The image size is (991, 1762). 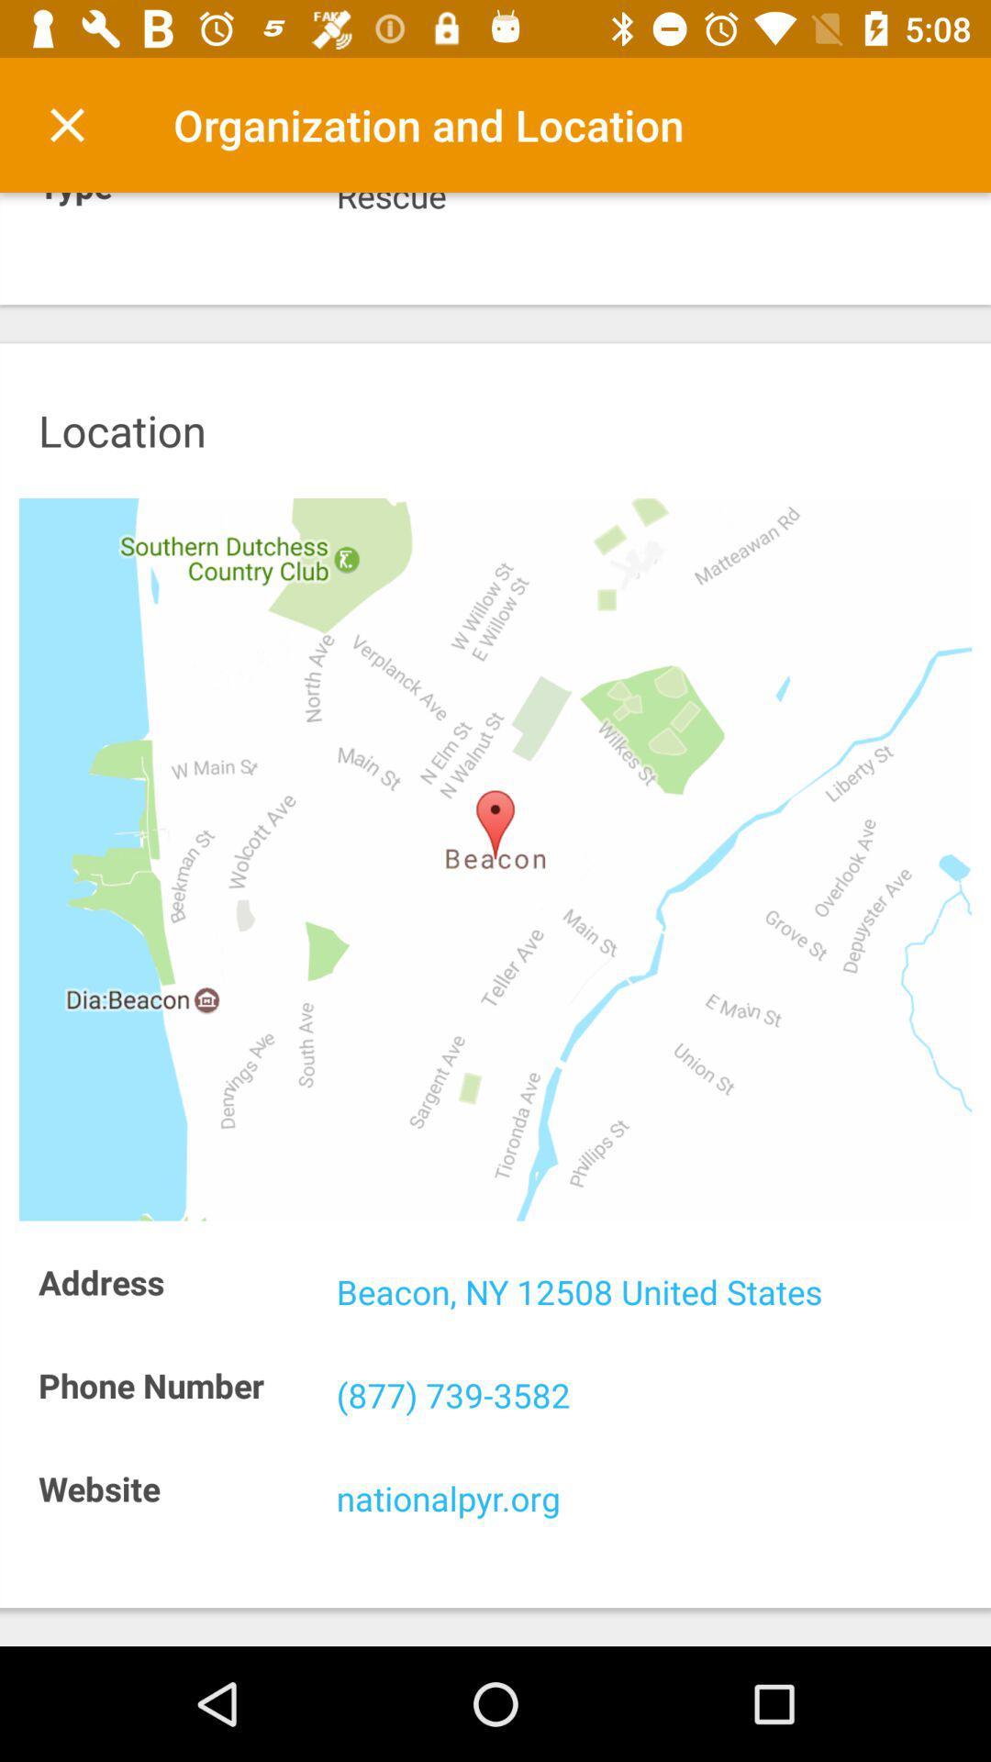 What do you see at coordinates (652, 205) in the screenshot?
I see `item below the organization and location item` at bounding box center [652, 205].